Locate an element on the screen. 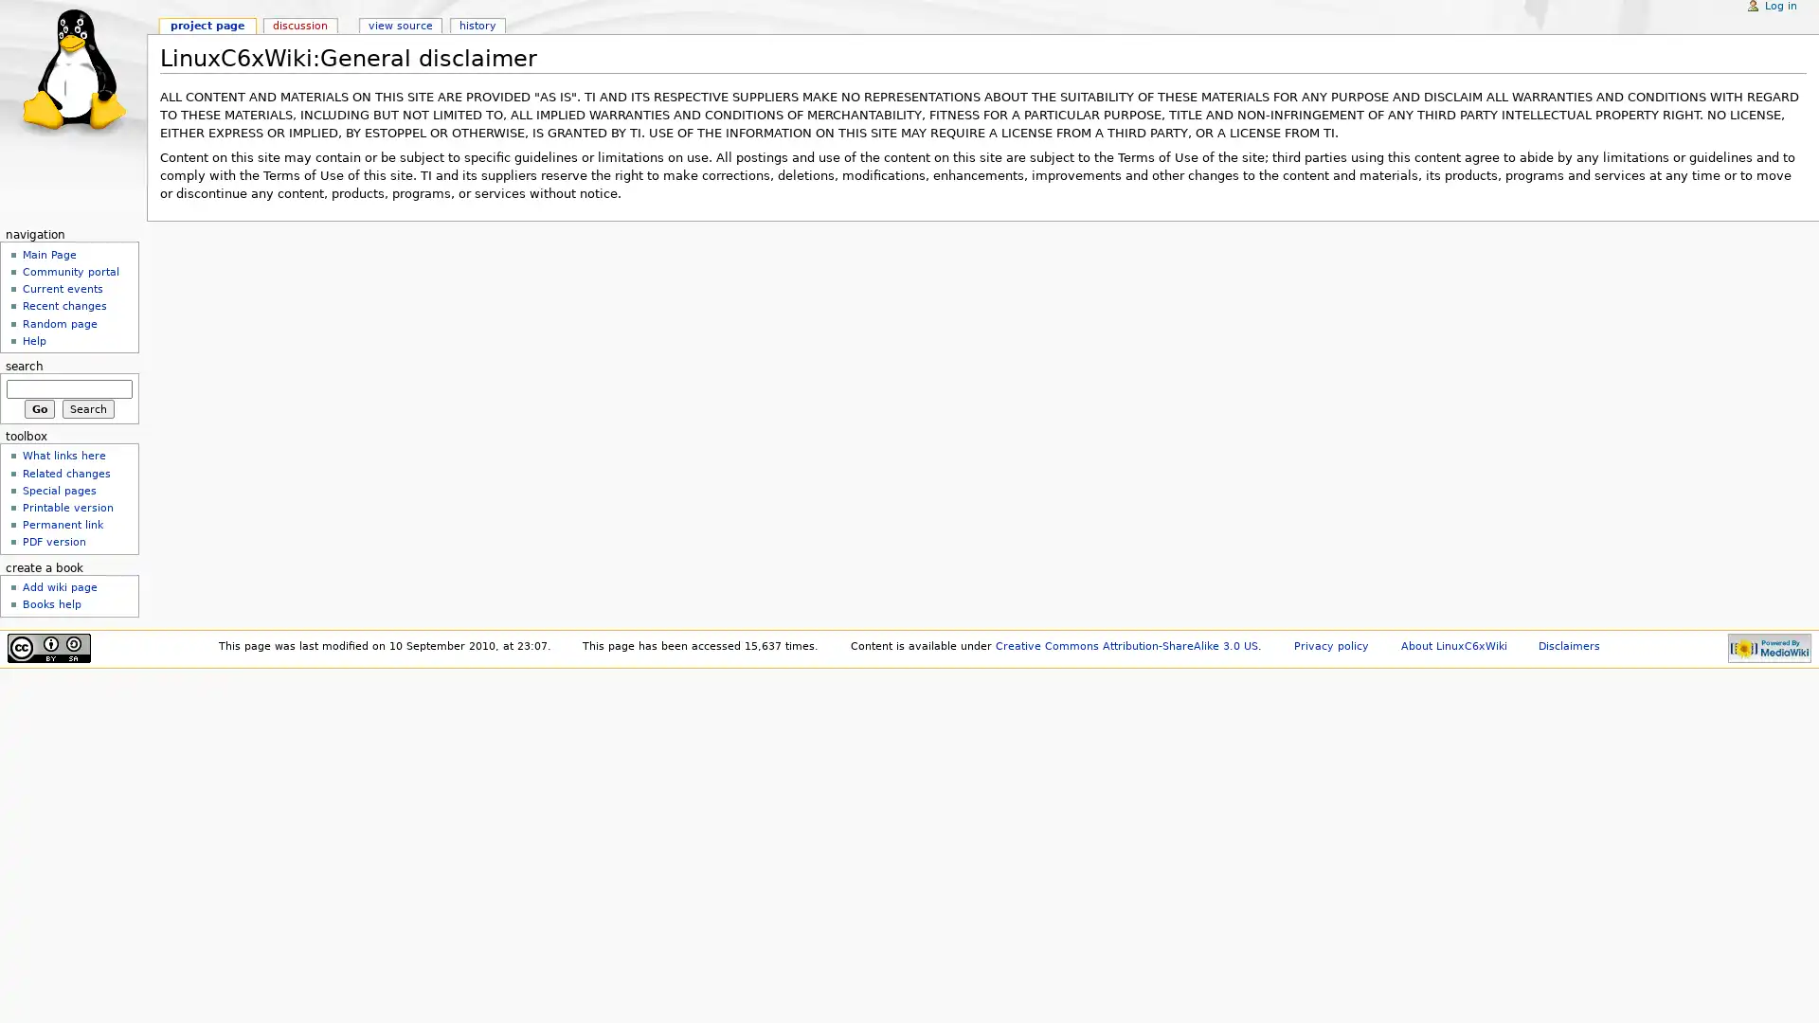  Go is located at coordinates (39, 407).